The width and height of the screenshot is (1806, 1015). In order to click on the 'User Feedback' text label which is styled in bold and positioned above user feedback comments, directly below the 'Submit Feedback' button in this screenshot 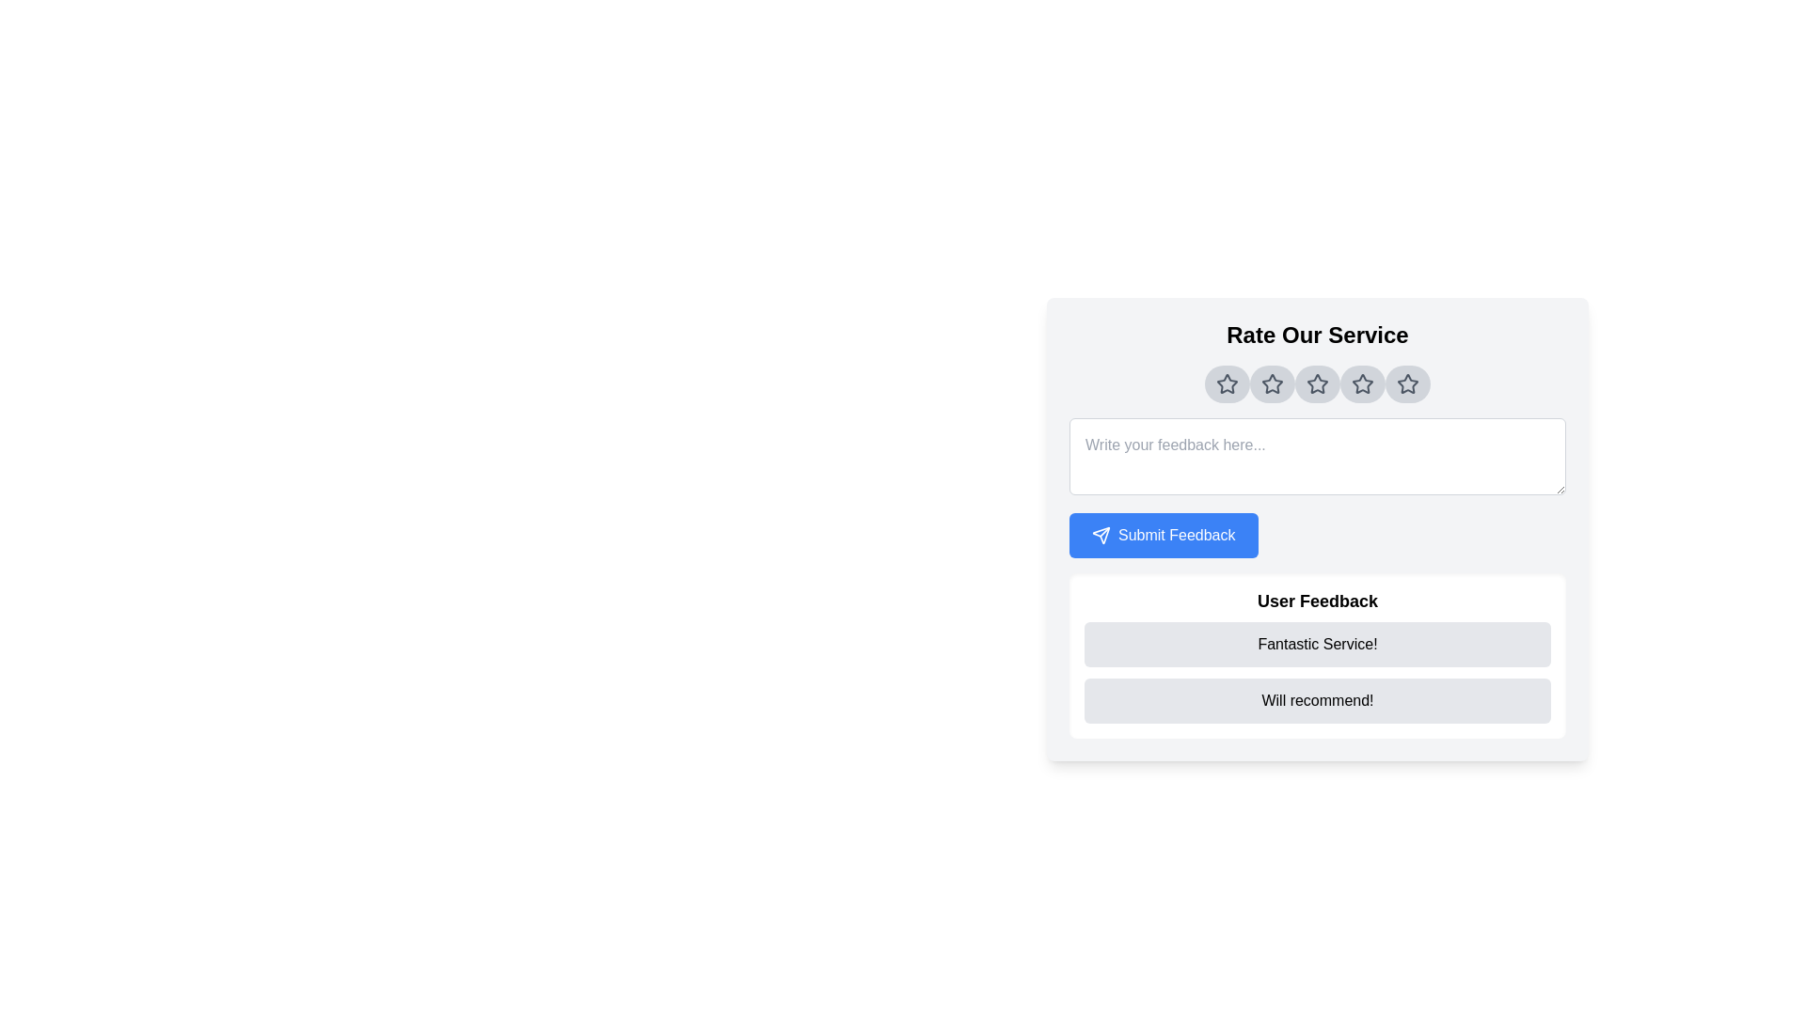, I will do `click(1317, 601)`.